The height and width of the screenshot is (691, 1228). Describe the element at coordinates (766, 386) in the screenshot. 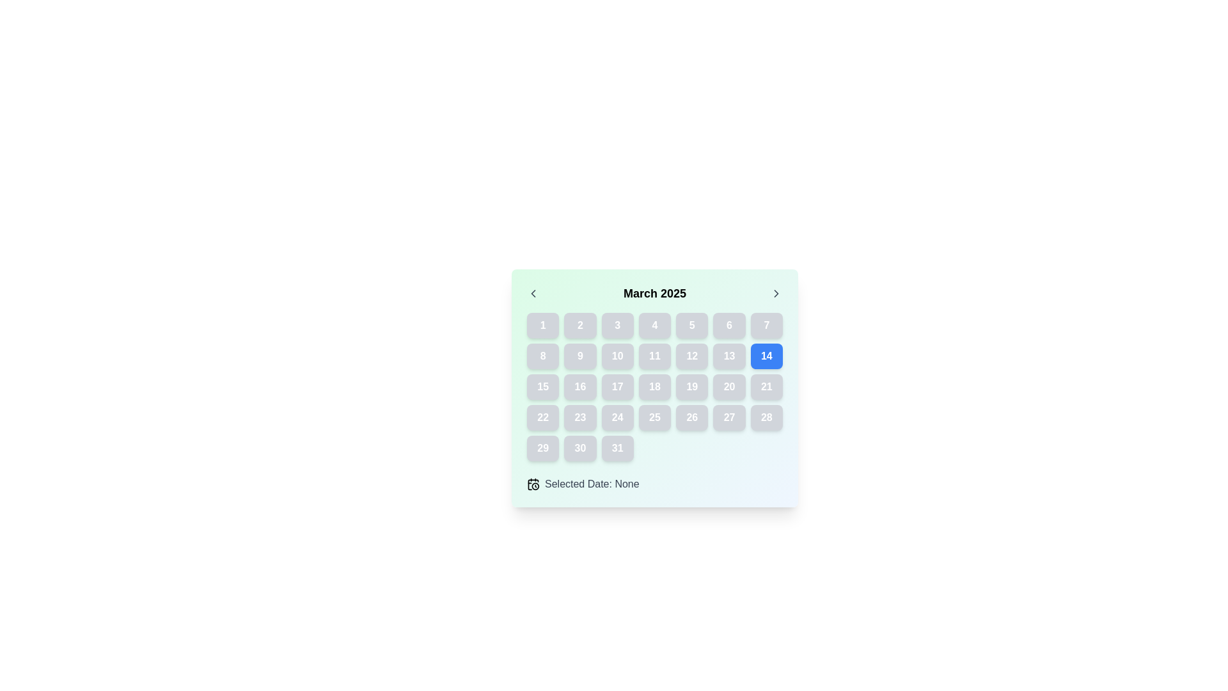

I see `the interactive button representing the date '21' in the calendar` at that location.